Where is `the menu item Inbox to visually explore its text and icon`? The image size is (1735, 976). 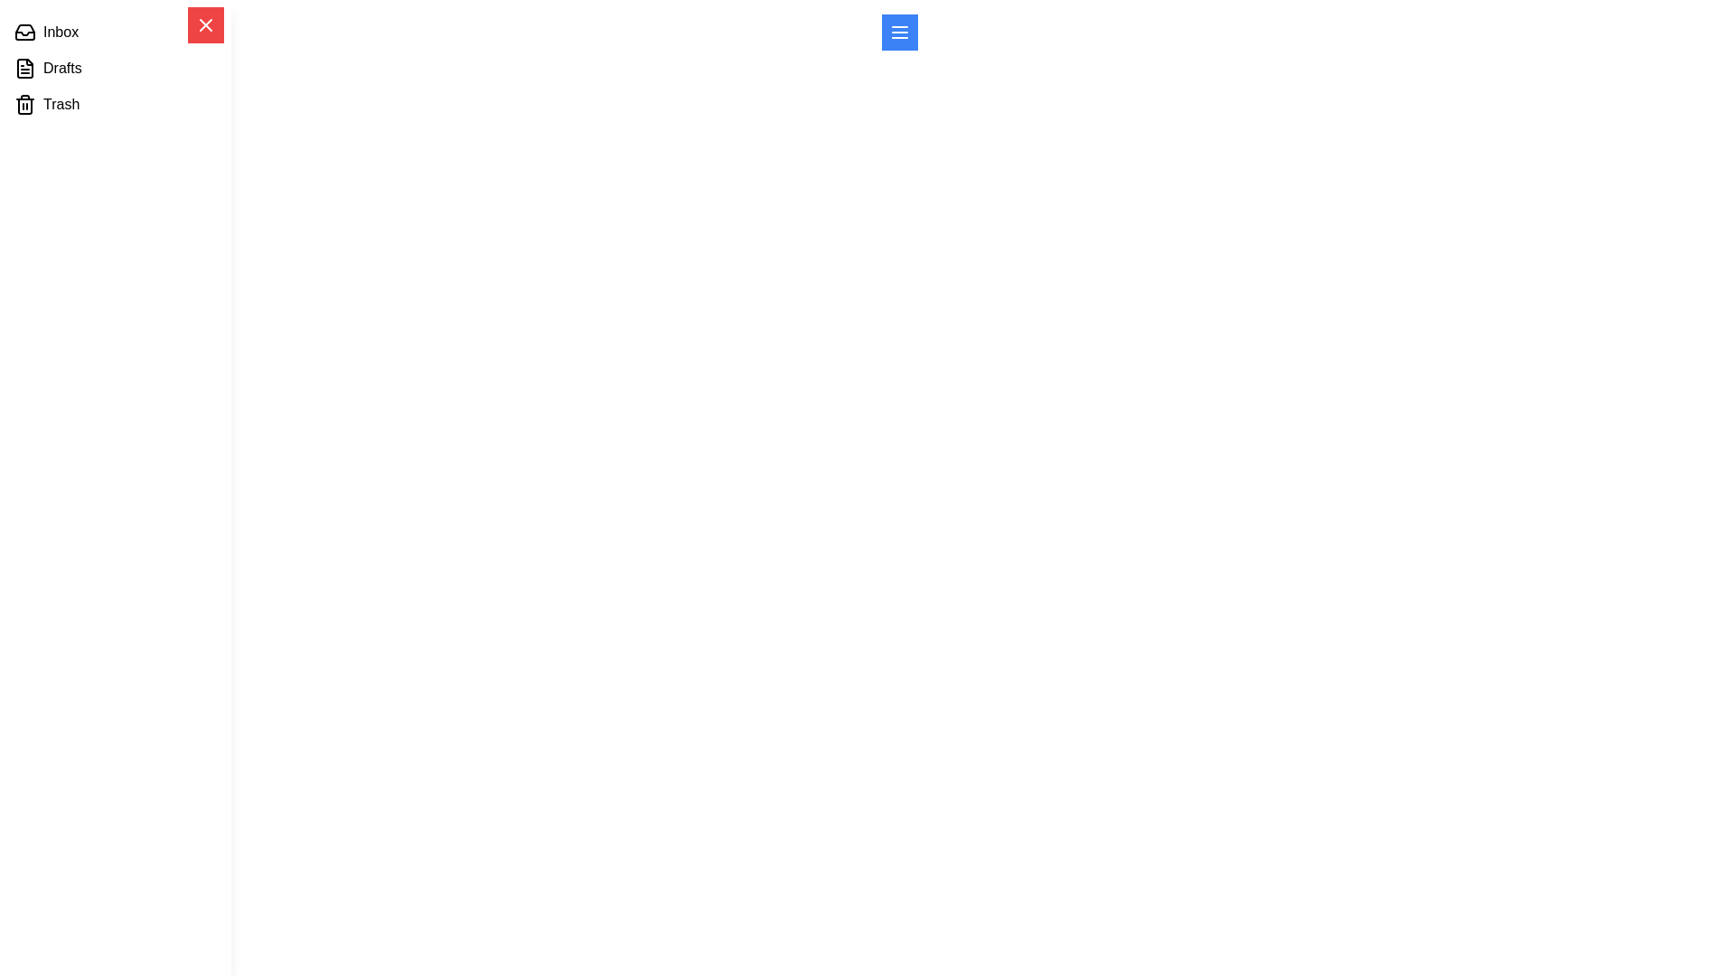 the menu item Inbox to visually explore its text and icon is located at coordinates (115, 32).